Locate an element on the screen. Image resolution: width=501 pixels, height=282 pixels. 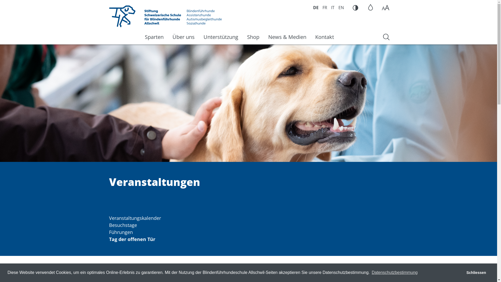
'FR' is located at coordinates (324, 8).